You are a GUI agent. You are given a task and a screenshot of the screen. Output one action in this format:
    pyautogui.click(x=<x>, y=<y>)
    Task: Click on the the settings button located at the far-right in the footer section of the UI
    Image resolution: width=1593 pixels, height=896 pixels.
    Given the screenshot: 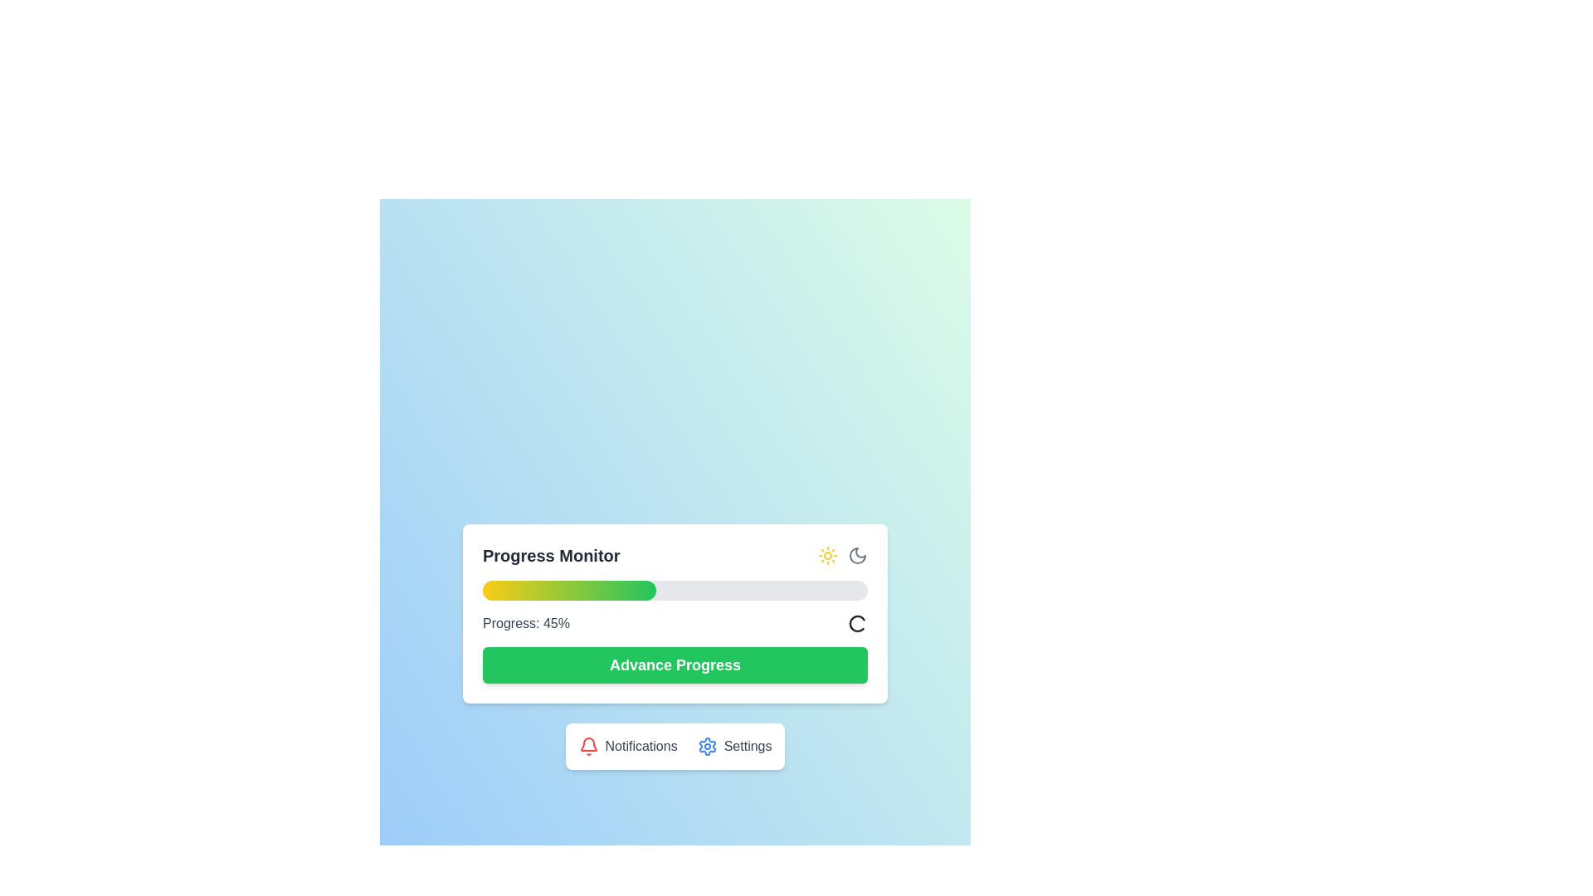 What is the action you would take?
    pyautogui.click(x=707, y=745)
    